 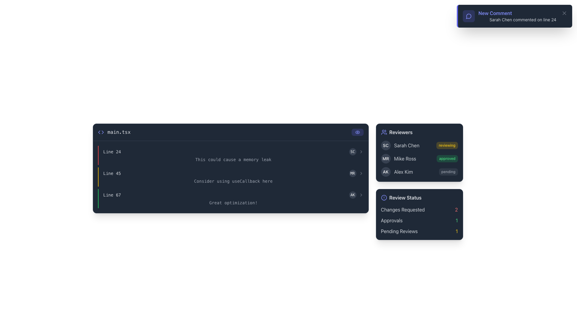 I want to click on the circular label with text and chevron icon associated with 'SC' located at the far-right side of the row for 'Line 24' to interact with it, so click(x=356, y=151).